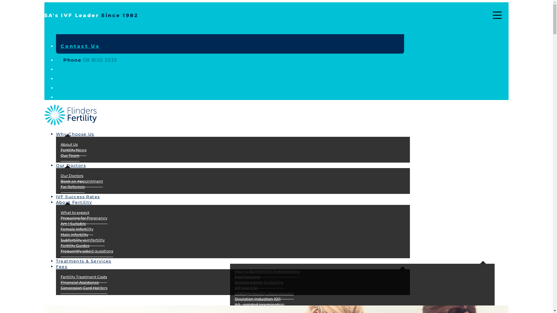 The width and height of the screenshot is (557, 313). What do you see at coordinates (257, 299) in the screenshot?
I see `'Ovulation Induction (OI)'` at bounding box center [257, 299].